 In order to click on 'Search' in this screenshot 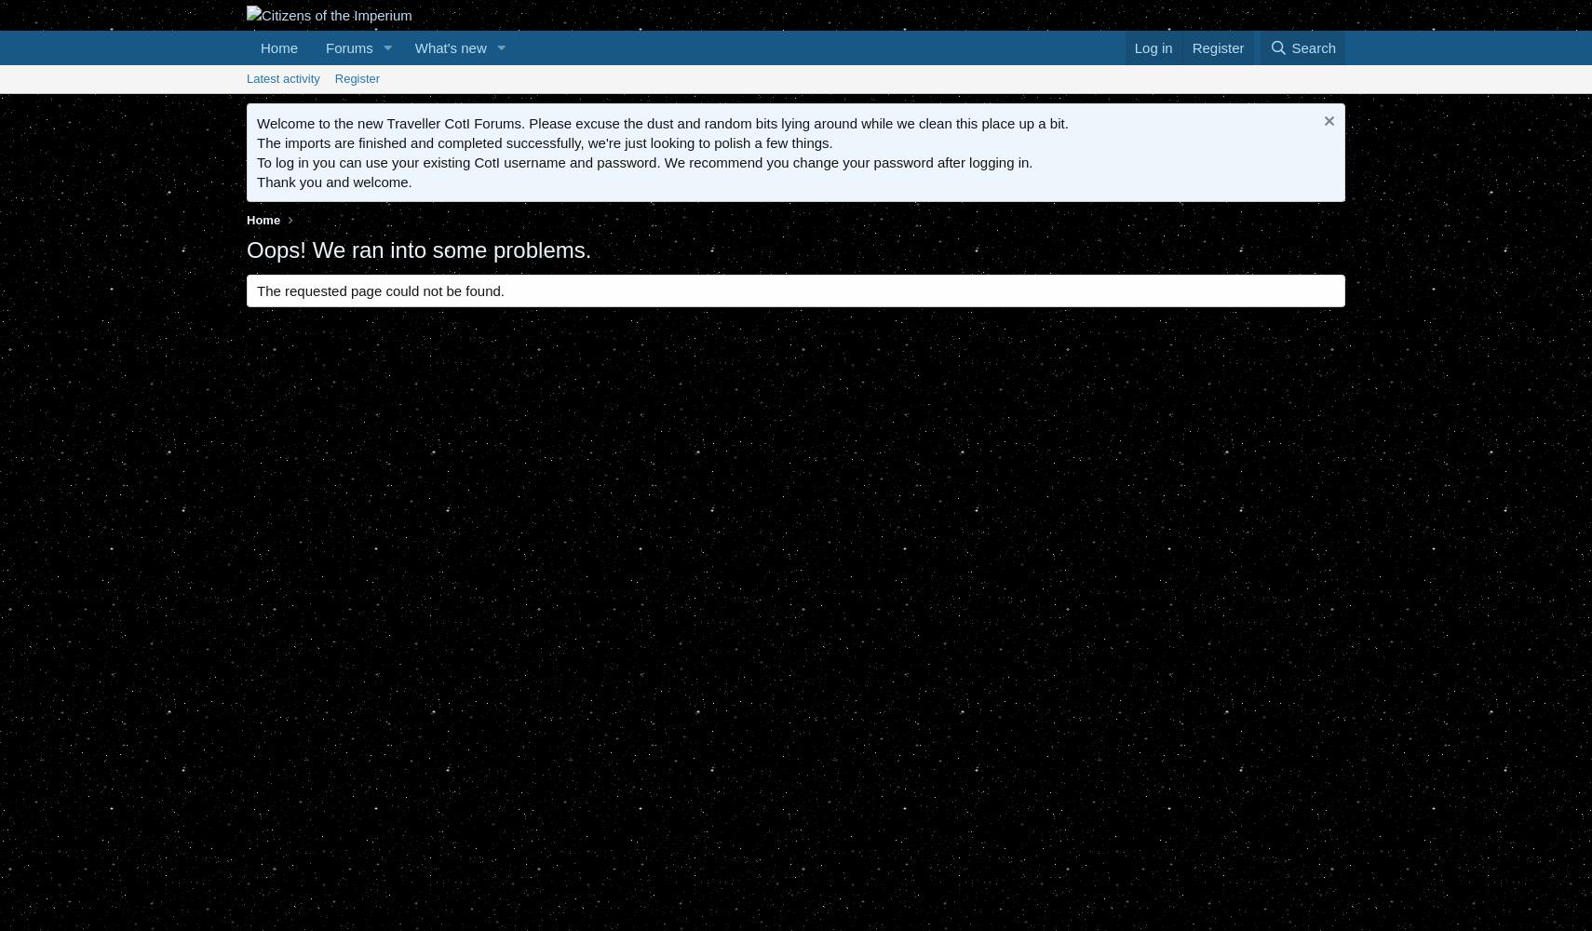, I will do `click(1290, 47)`.